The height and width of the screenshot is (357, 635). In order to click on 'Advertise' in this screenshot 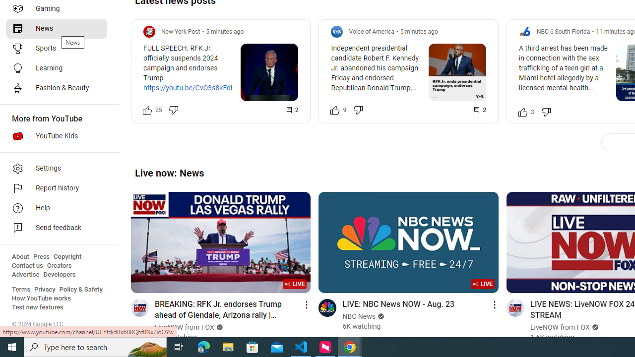, I will do `click(25, 275)`.